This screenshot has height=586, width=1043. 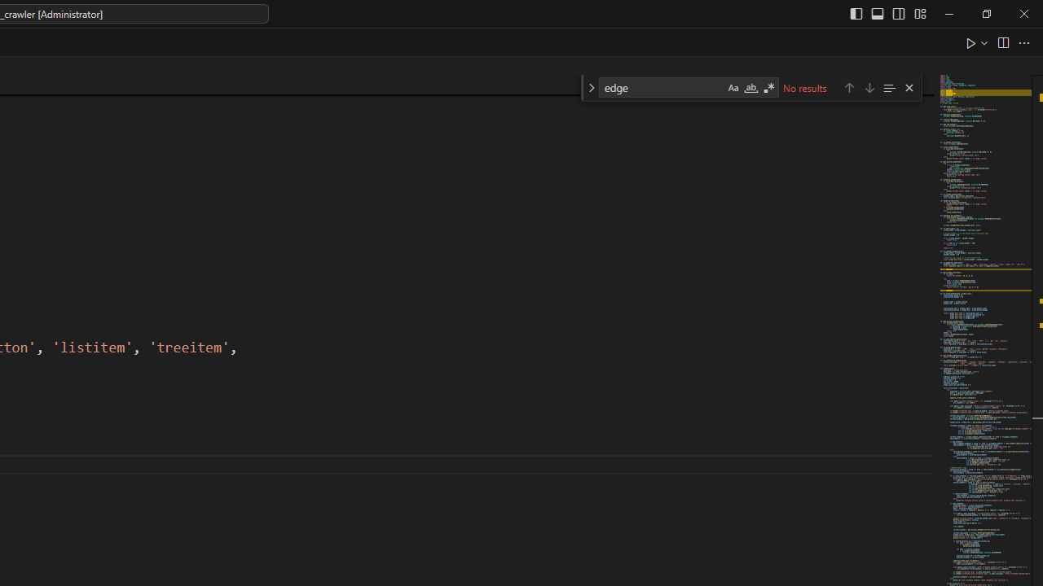 What do you see at coordinates (985, 13) in the screenshot?
I see `'Restore'` at bounding box center [985, 13].